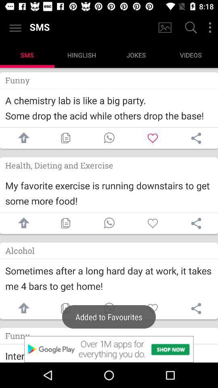 This screenshot has width=218, height=388. What do you see at coordinates (22, 308) in the screenshot?
I see `share the article` at bounding box center [22, 308].